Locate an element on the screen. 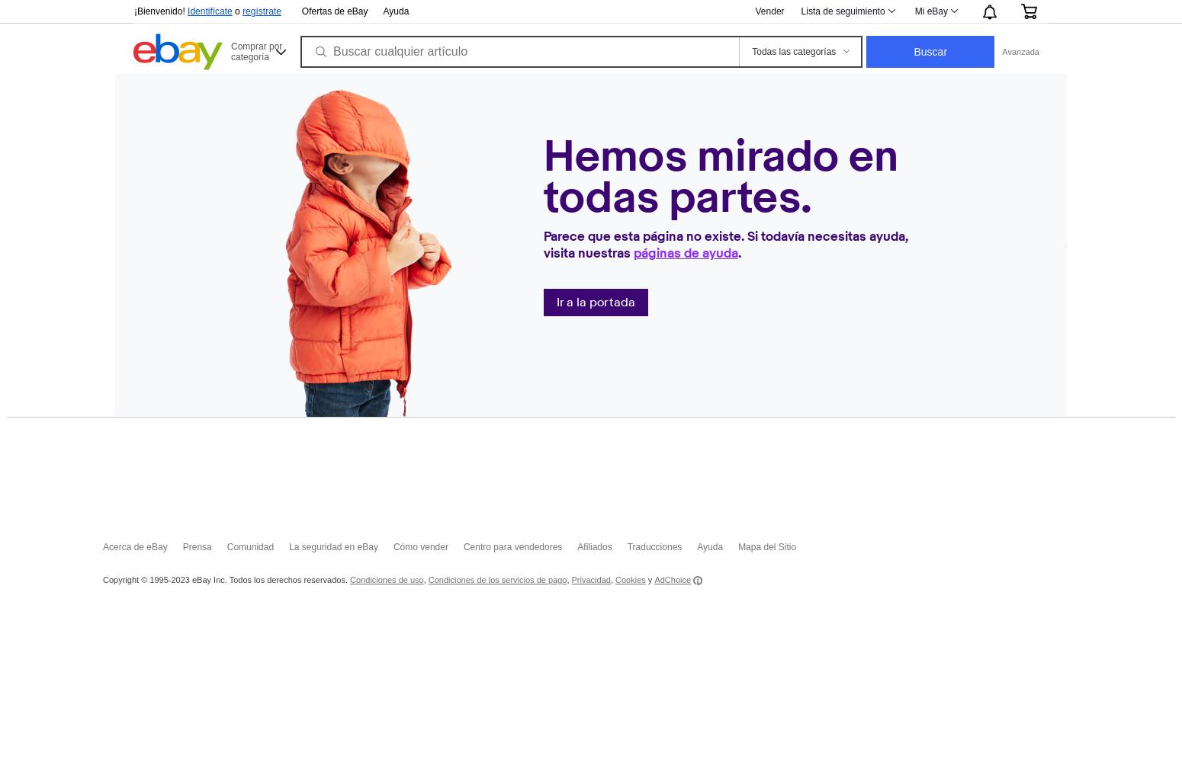 This screenshot has width=1182, height=762. 'Lista de seguimiento' is located at coordinates (841, 11).